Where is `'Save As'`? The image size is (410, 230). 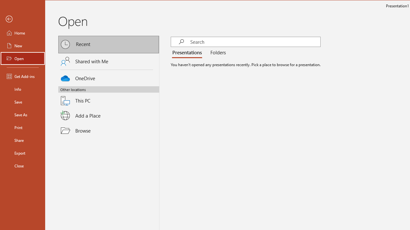
'Save As' is located at coordinates (23, 114).